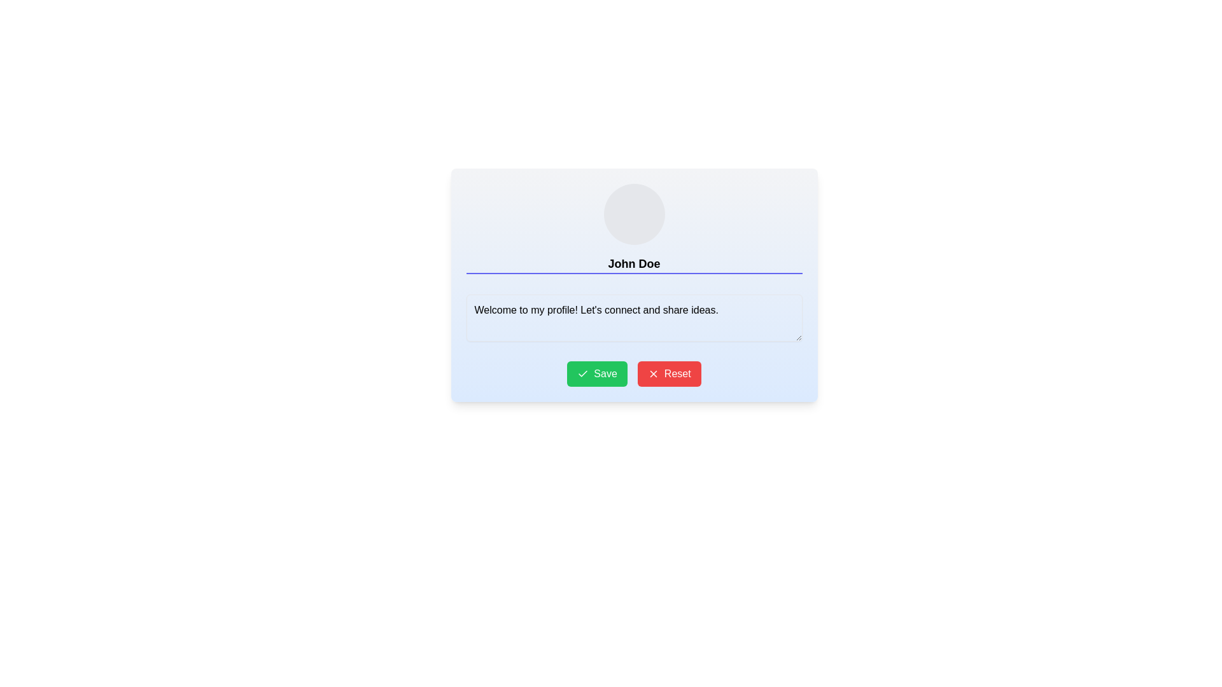  Describe the element at coordinates (582, 373) in the screenshot. I see `the SVG icon located inside the 'Save' button, positioned to the left of the text label 'Save'` at that location.